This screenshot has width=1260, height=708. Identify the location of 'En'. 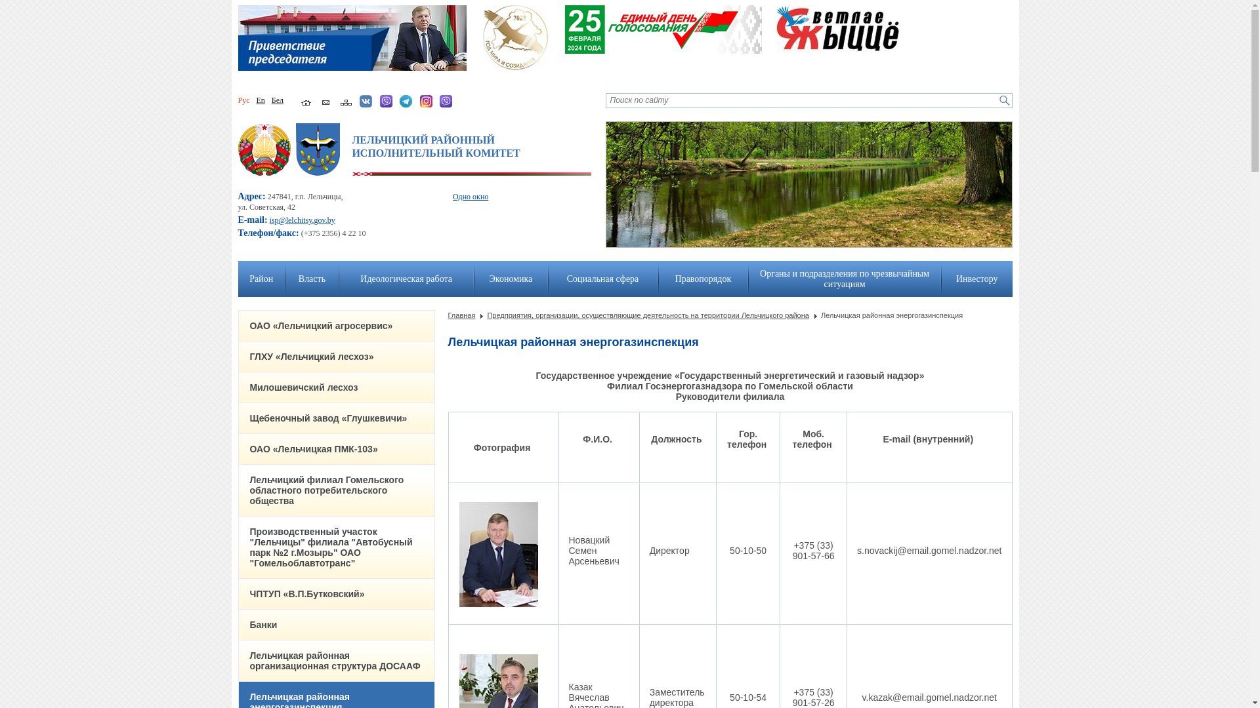
(260, 100).